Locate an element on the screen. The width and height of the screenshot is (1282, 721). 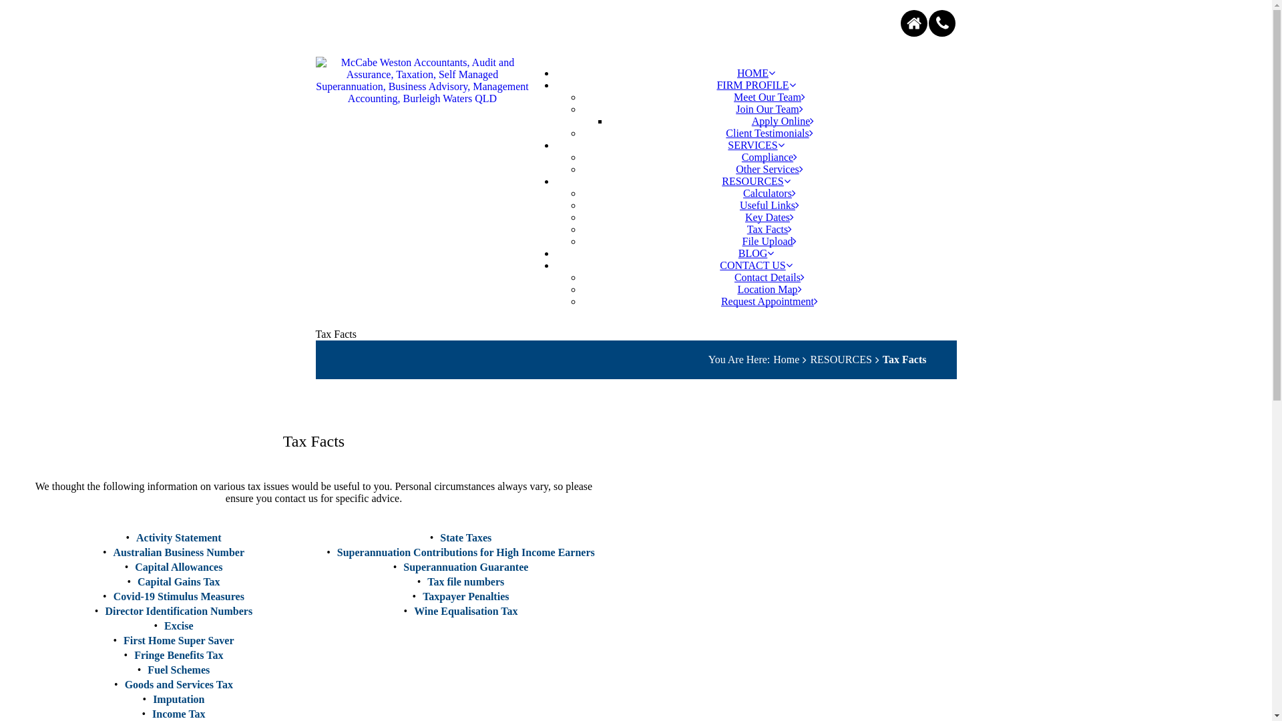
'Activity Statement' is located at coordinates (178, 537).